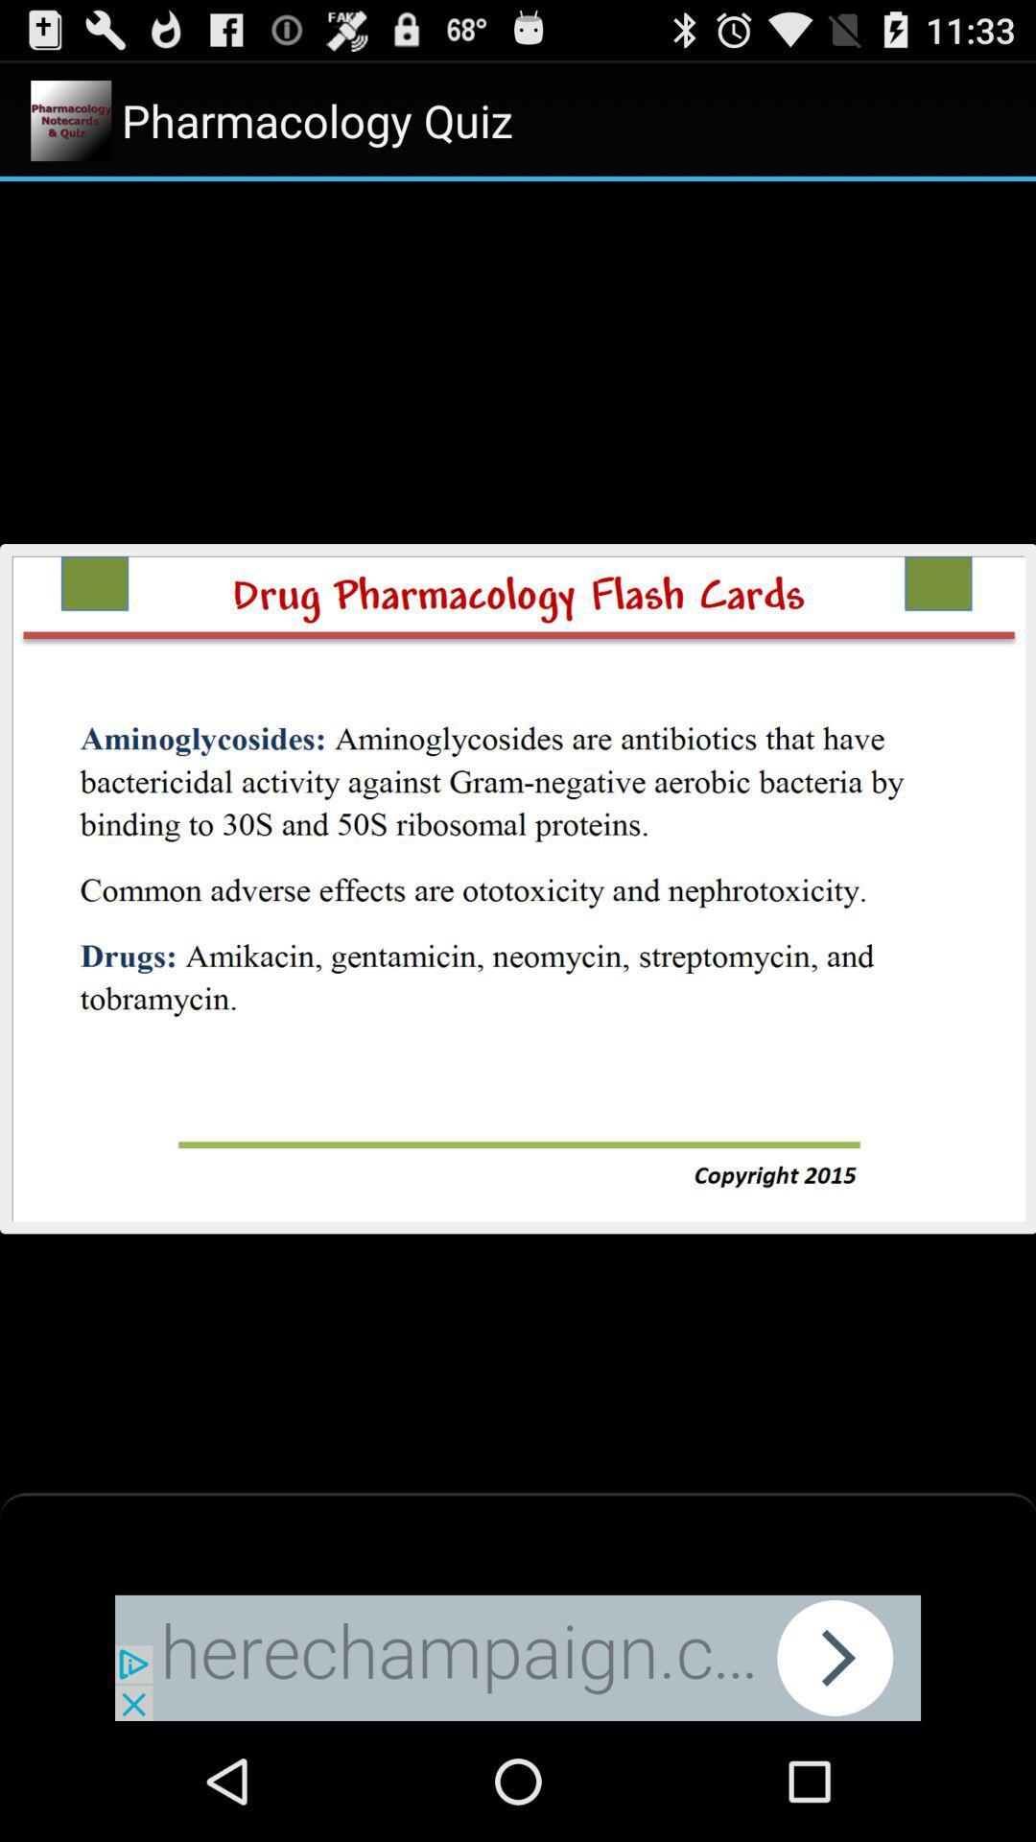 This screenshot has height=1842, width=1036. I want to click on website, so click(518, 1657).